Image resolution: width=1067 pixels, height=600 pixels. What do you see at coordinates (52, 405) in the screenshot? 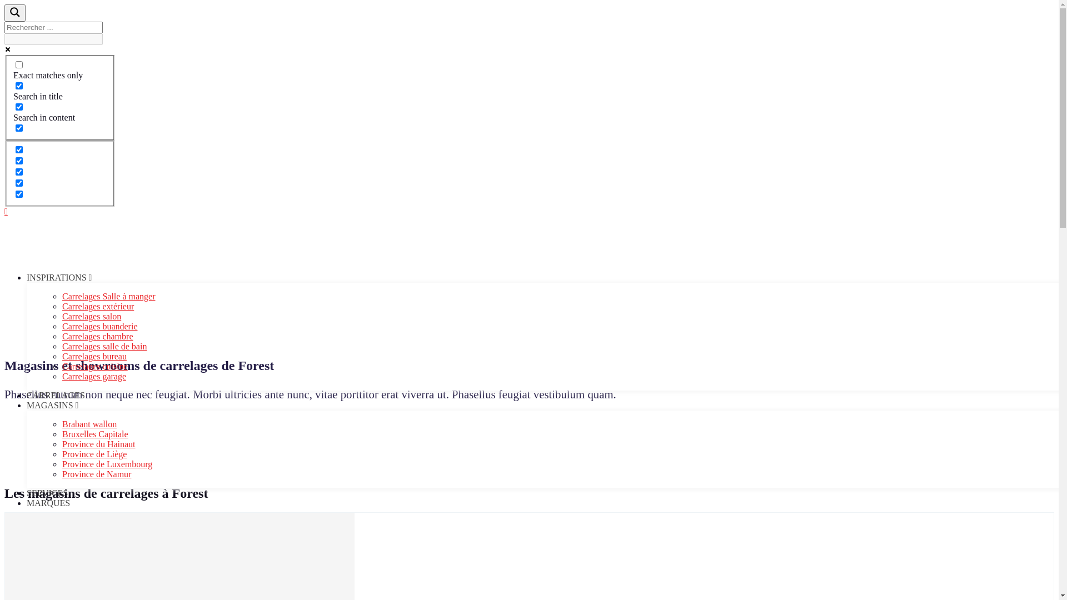
I see `'MAGASINS'` at bounding box center [52, 405].